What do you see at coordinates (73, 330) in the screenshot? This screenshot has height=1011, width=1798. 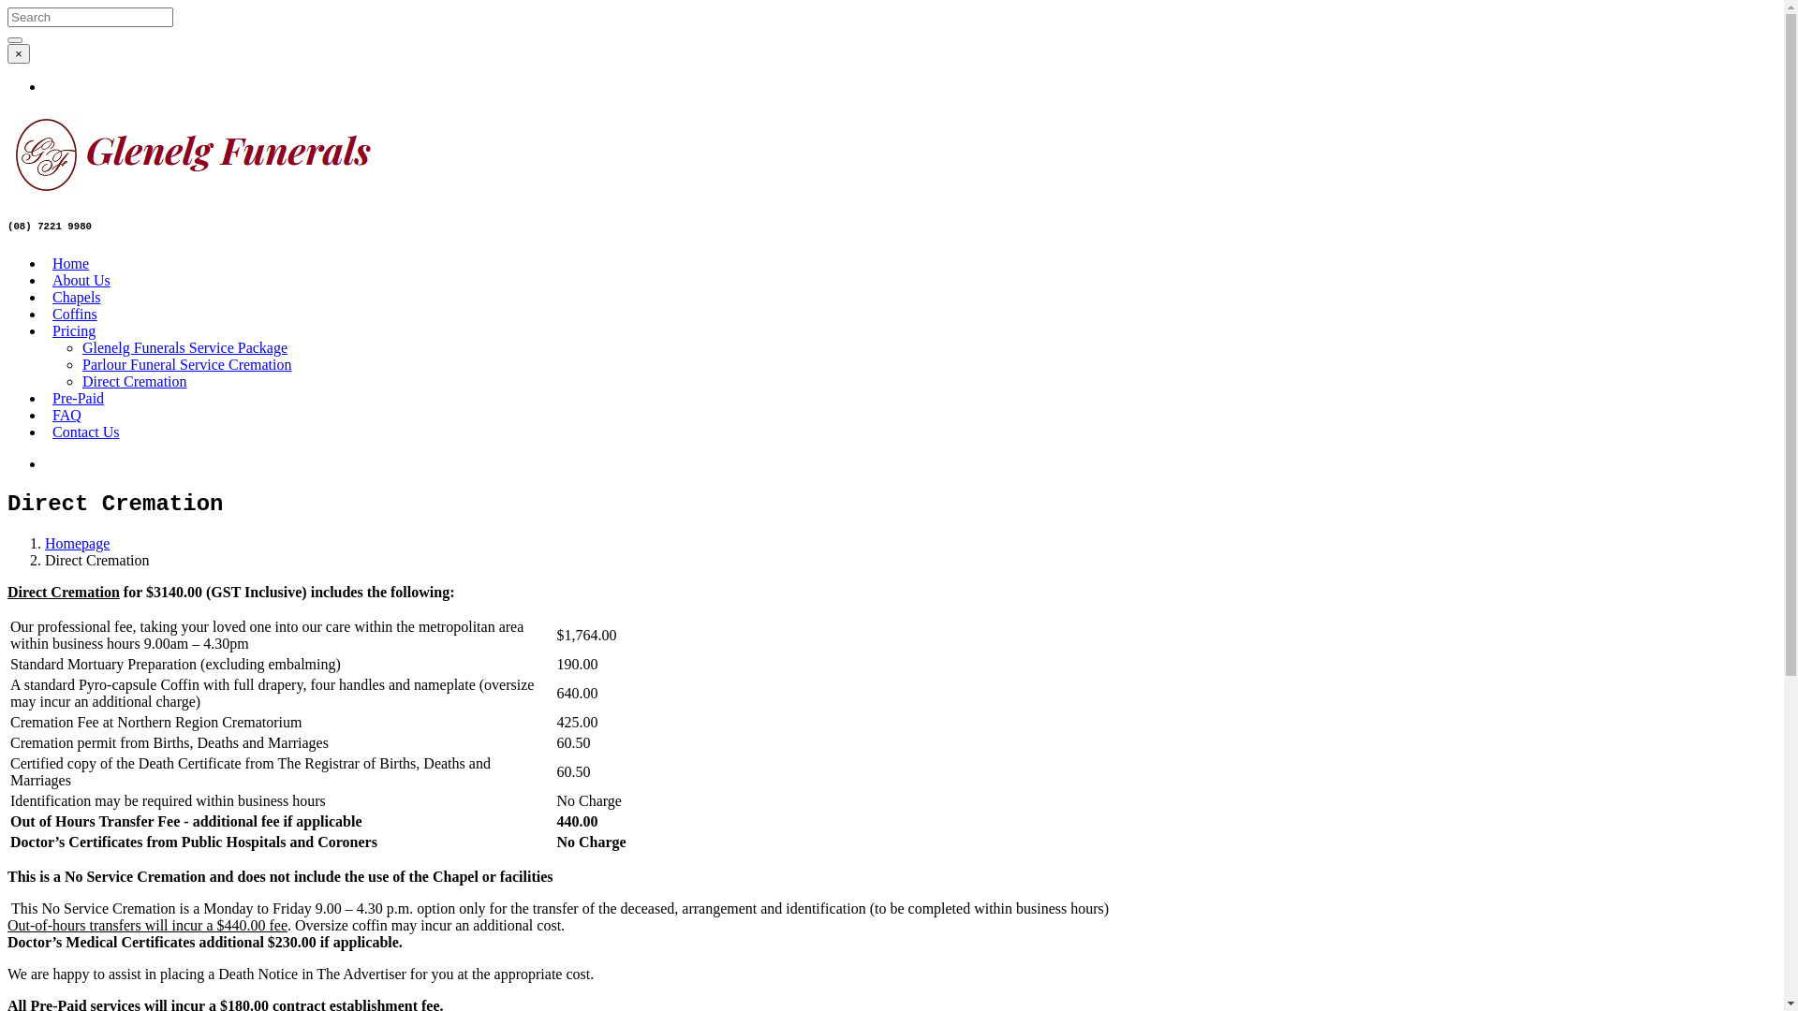 I see `'Pricing'` at bounding box center [73, 330].